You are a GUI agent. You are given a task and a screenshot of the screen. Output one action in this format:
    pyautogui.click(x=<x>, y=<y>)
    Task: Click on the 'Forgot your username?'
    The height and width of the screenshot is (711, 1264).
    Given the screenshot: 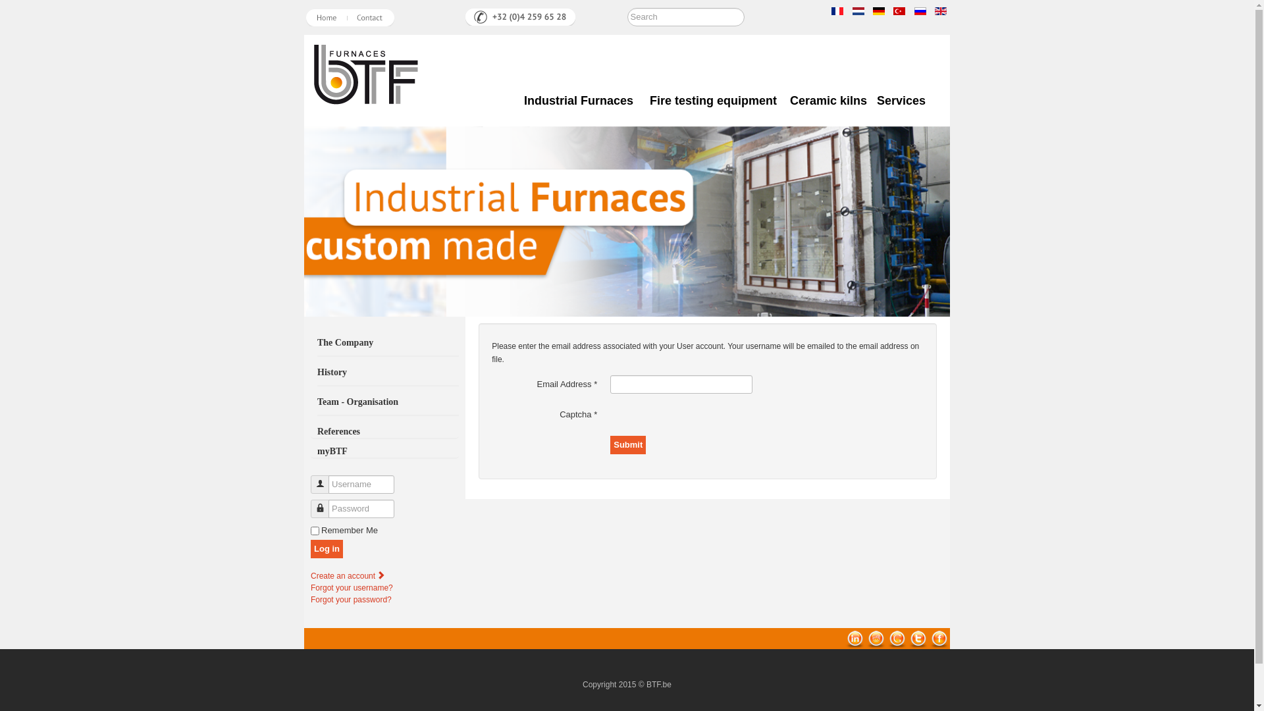 What is the action you would take?
    pyautogui.click(x=352, y=587)
    